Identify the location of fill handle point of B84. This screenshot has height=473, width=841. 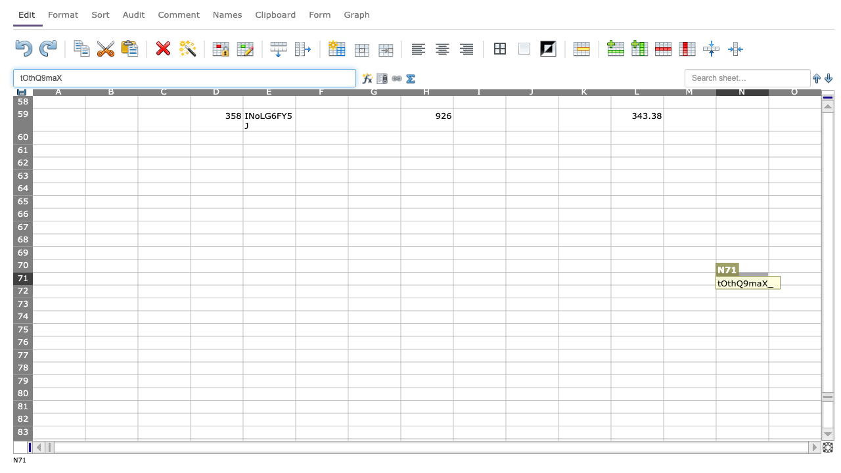
(138, 451).